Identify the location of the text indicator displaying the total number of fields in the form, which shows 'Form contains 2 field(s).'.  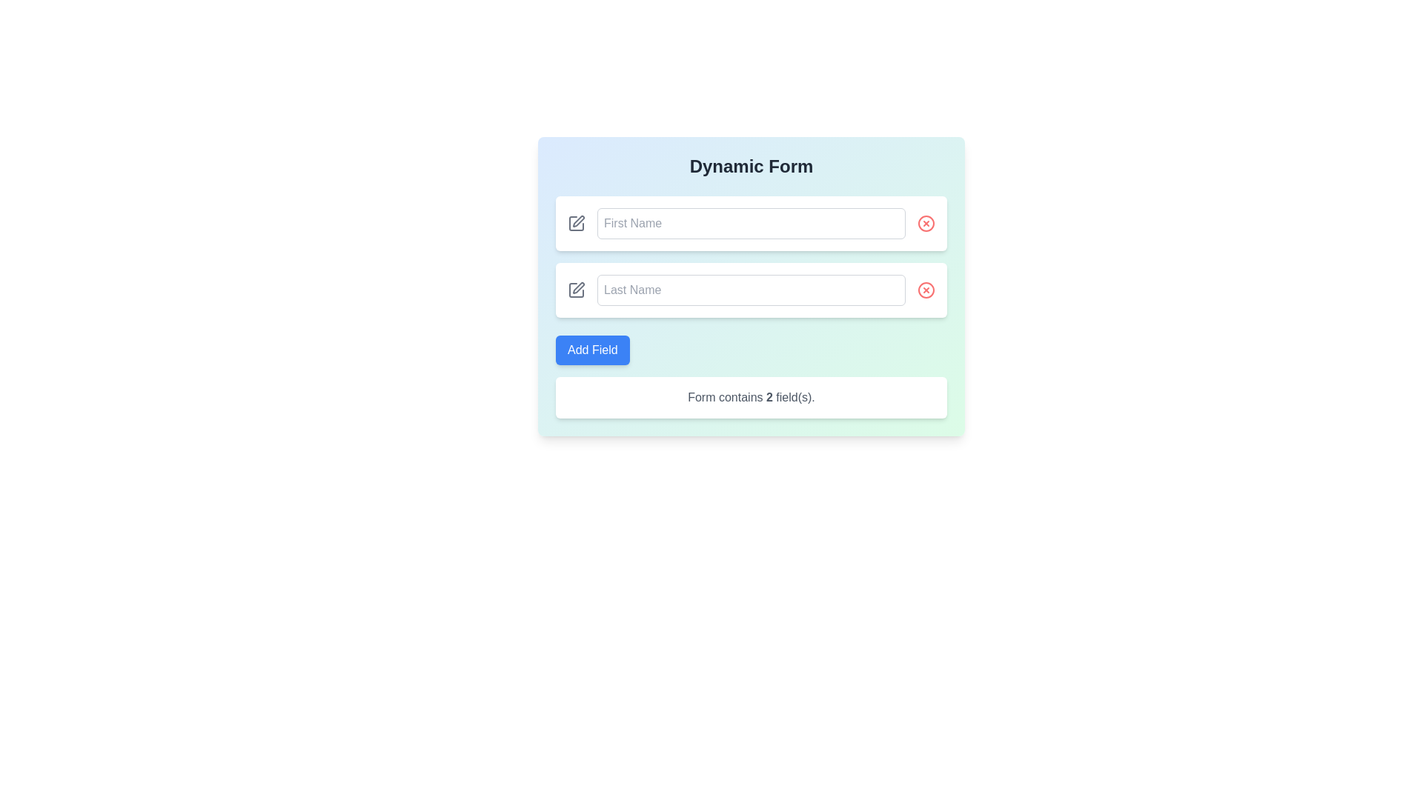
(769, 396).